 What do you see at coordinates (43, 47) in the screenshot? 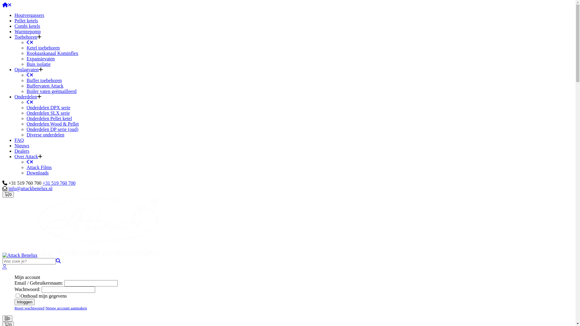
I see `'Ketel toebehoren'` at bounding box center [43, 47].